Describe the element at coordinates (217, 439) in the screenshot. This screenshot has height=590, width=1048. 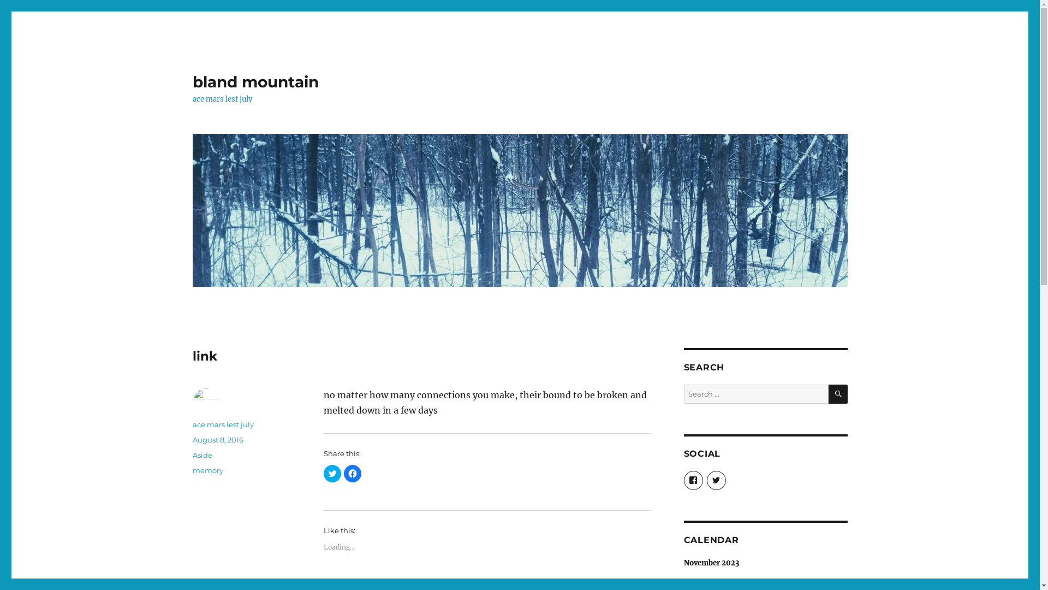
I see `'August 8, 2016'` at that location.